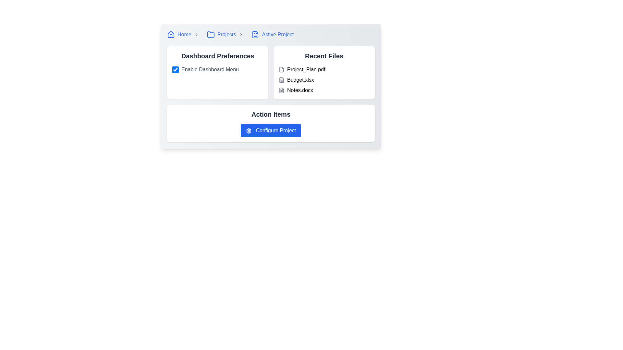  Describe the element at coordinates (211, 35) in the screenshot. I see `the folder icon in the breadcrumb navigation bar, which is positioned to the left of the 'Projects' label and to the right of the 'Home' house icon` at that location.